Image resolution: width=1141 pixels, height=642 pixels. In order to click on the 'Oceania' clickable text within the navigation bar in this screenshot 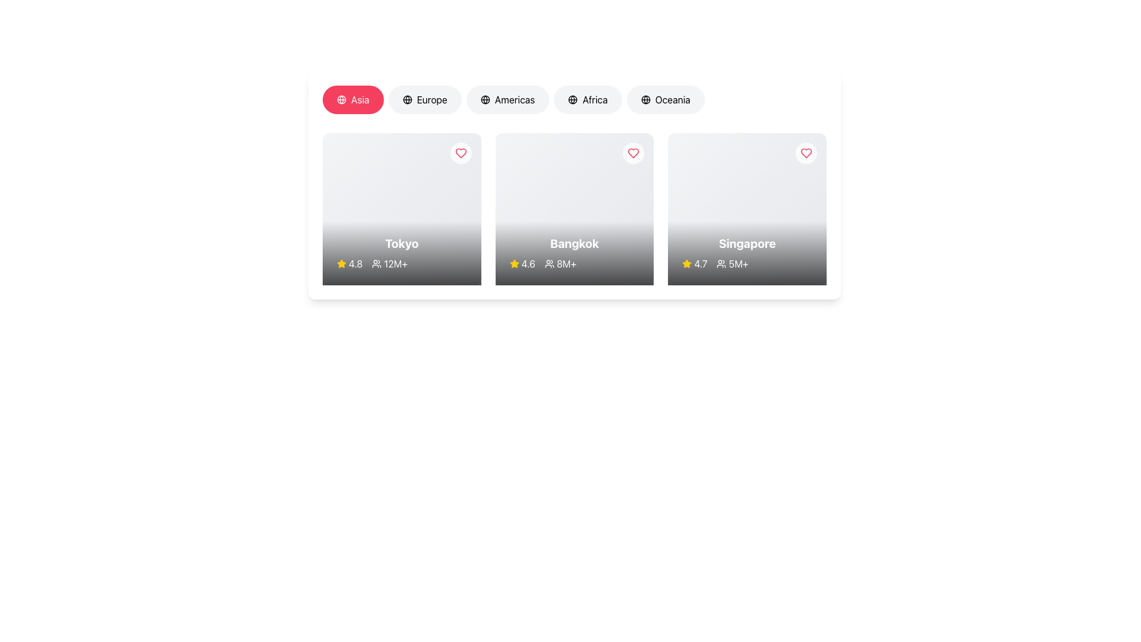, I will do `click(673, 99)`.